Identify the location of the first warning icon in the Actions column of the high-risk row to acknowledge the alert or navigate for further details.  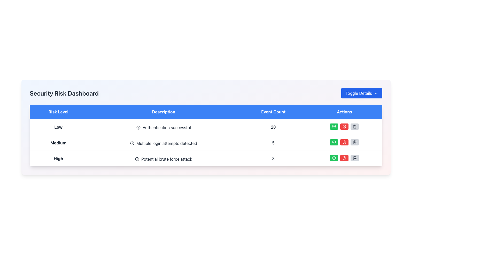
(344, 142).